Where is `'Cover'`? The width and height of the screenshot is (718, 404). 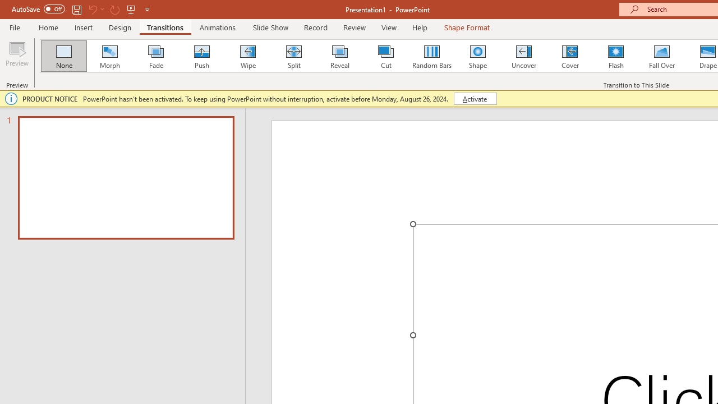 'Cover' is located at coordinates (570, 56).